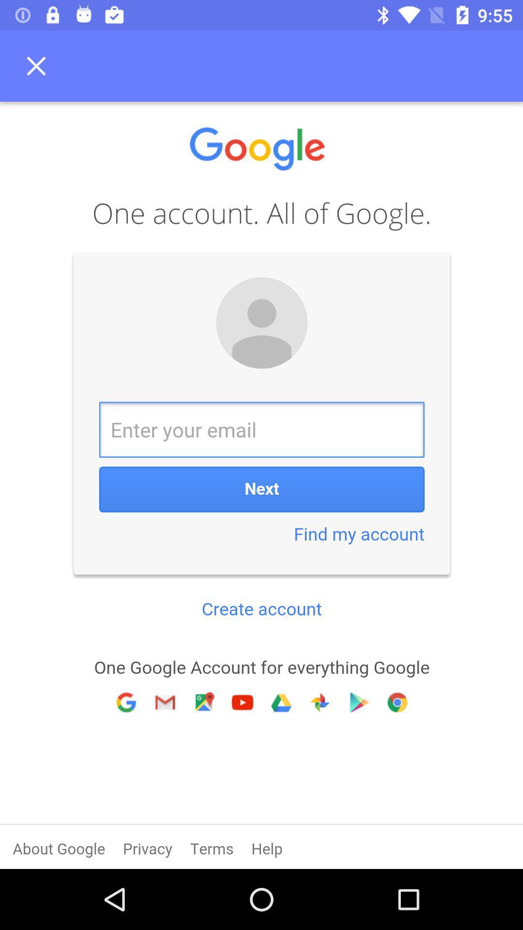 This screenshot has height=930, width=523. I want to click on next, so click(261, 485).